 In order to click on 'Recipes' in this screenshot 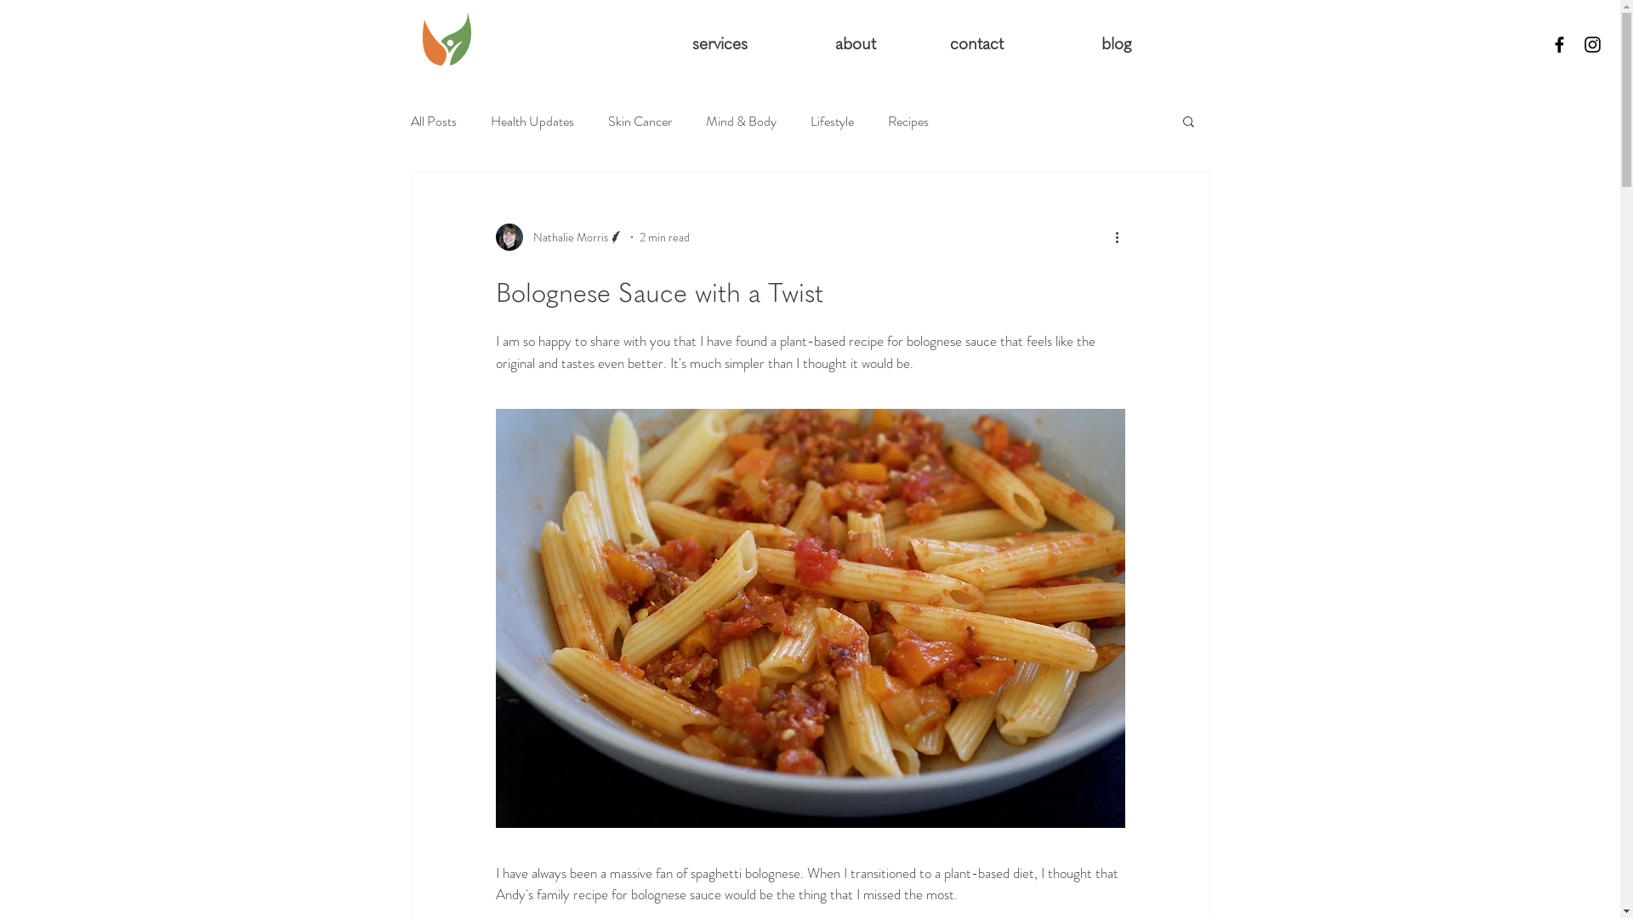, I will do `click(886, 119)`.